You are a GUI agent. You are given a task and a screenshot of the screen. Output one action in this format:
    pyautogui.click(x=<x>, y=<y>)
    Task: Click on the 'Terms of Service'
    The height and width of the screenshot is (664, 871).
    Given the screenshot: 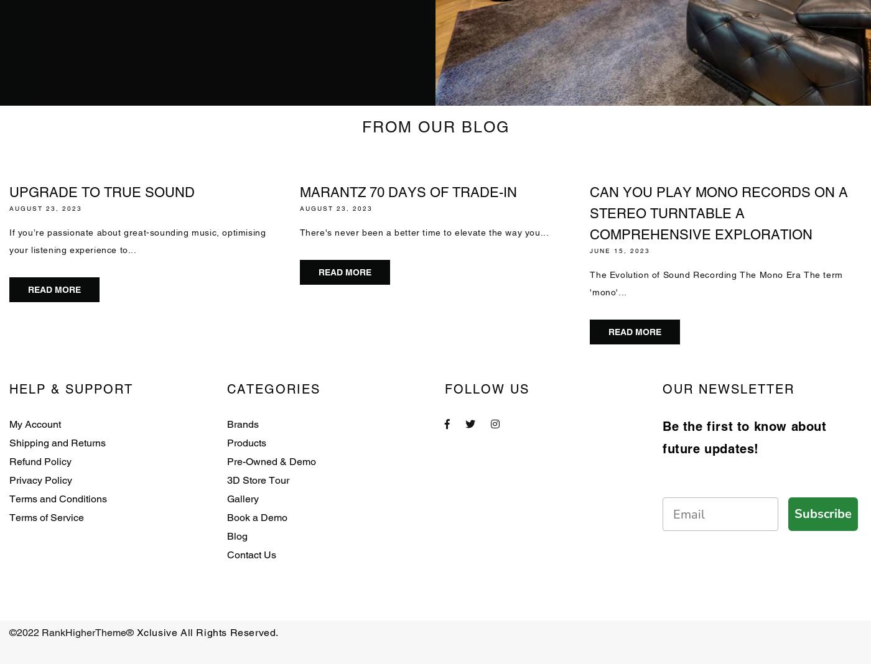 What is the action you would take?
    pyautogui.click(x=47, y=517)
    